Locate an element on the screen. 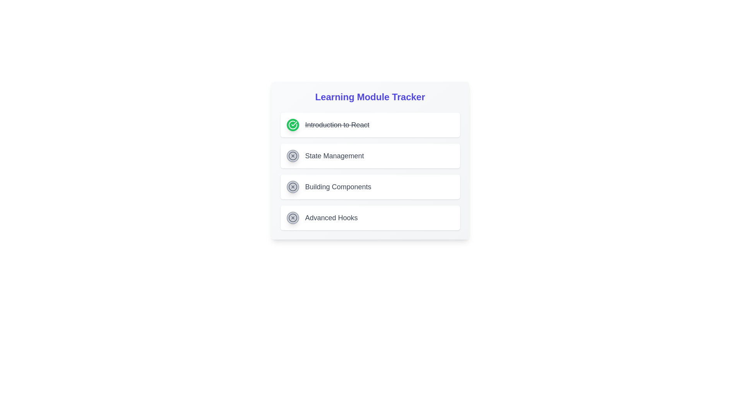 Image resolution: width=743 pixels, height=418 pixels. the status indicator icon located is located at coordinates (292, 187).